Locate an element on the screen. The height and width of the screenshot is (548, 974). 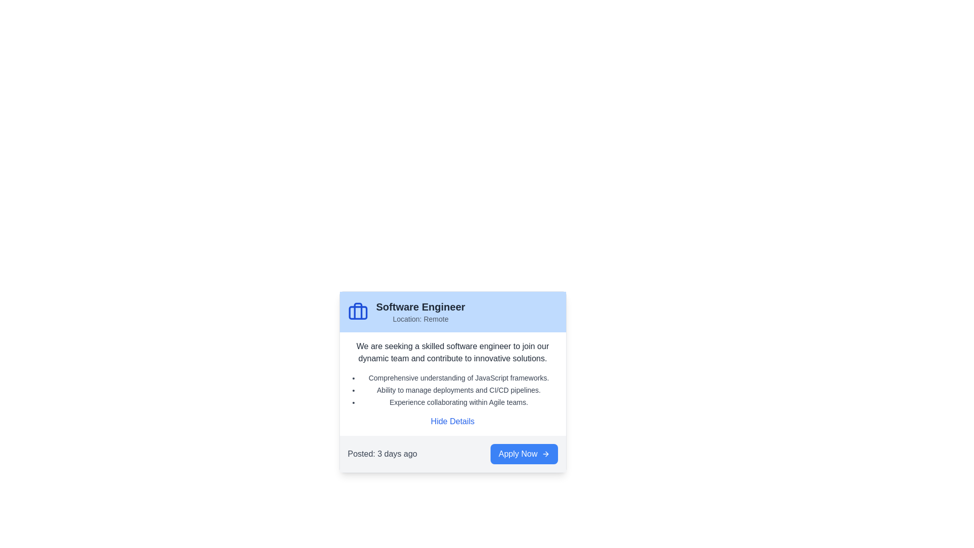
text content of the third item in the bulleted list that says 'Experience collaborating within Agile teams.' located in the main content area of a job posting card is located at coordinates (458, 402).